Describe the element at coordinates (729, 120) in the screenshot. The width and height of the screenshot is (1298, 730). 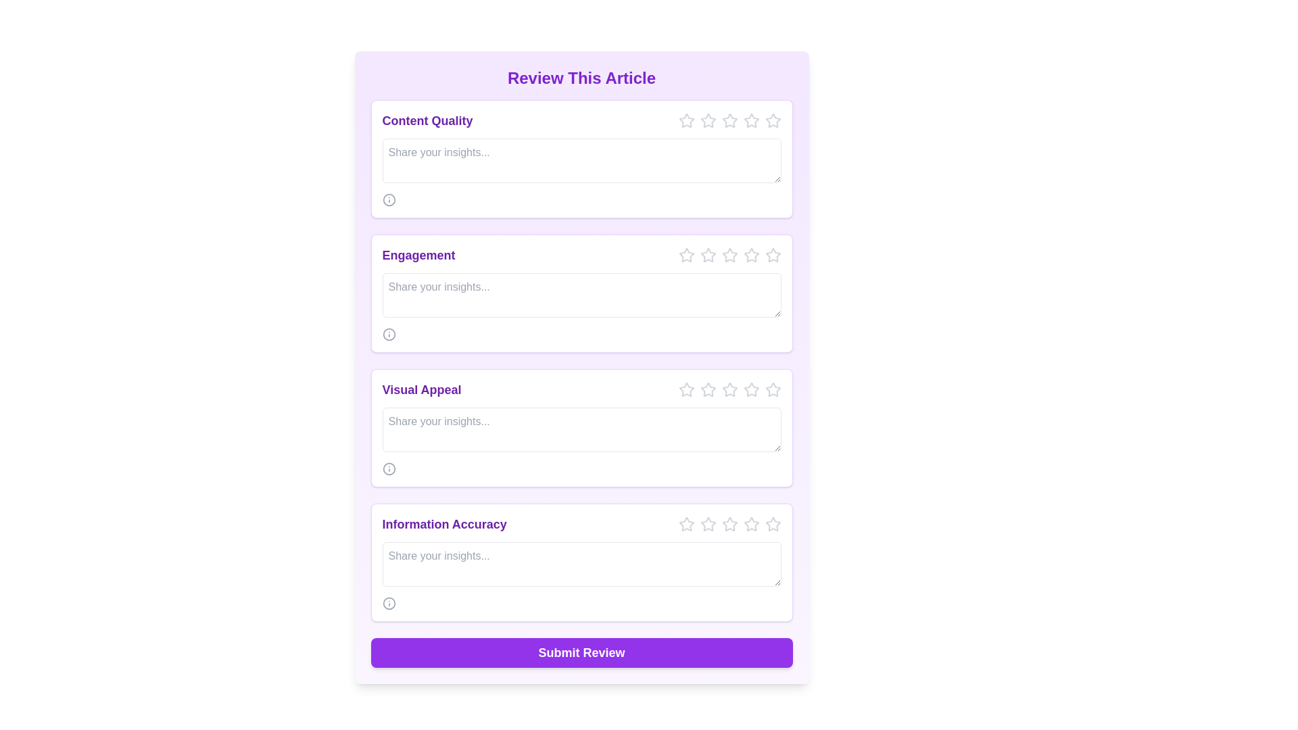
I see `the third star icon in the row of five rating stars next to the 'Content Quality' heading` at that location.